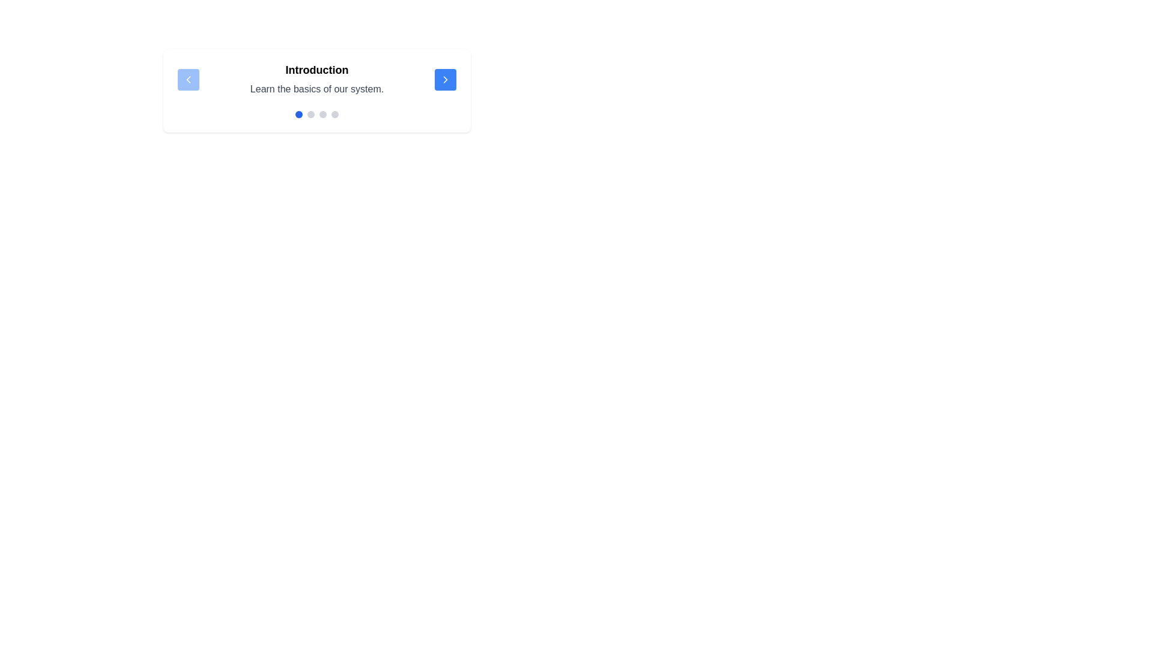  I want to click on the text block element that contains the header 'Introduction' and the description 'Learn the basics of our system.', so click(317, 79).